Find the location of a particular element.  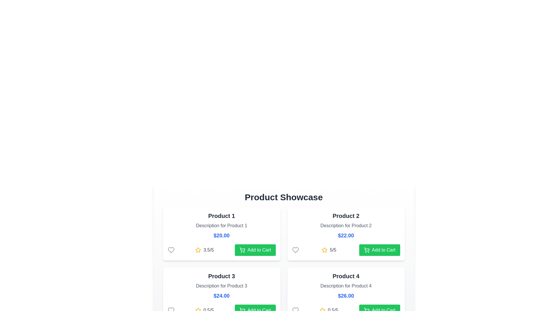

the graphic icon representing the action of adding an item to the shopping cart, located within the 'Add to Cart' button for 'Product 4' in the bottom-right corner of the product card is located at coordinates (366, 309).